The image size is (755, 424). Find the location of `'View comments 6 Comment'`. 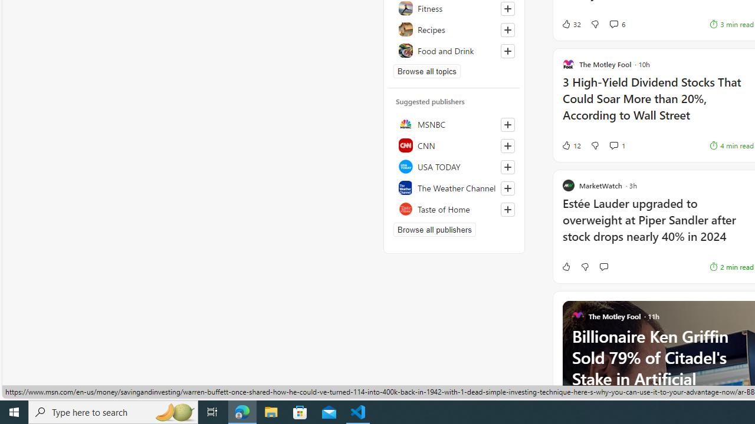

'View comments 6 Comment' is located at coordinates (613, 24).